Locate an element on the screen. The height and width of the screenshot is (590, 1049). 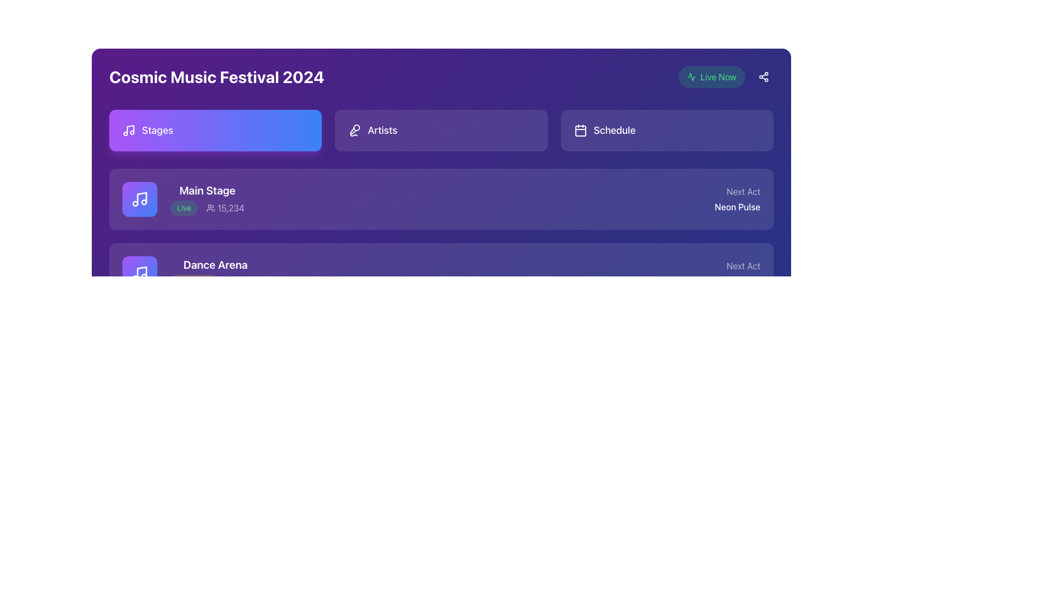
the calendar icon by clicking on the graphical rectangle within it to trigger actions related to the Schedule section of the application is located at coordinates (580, 130).